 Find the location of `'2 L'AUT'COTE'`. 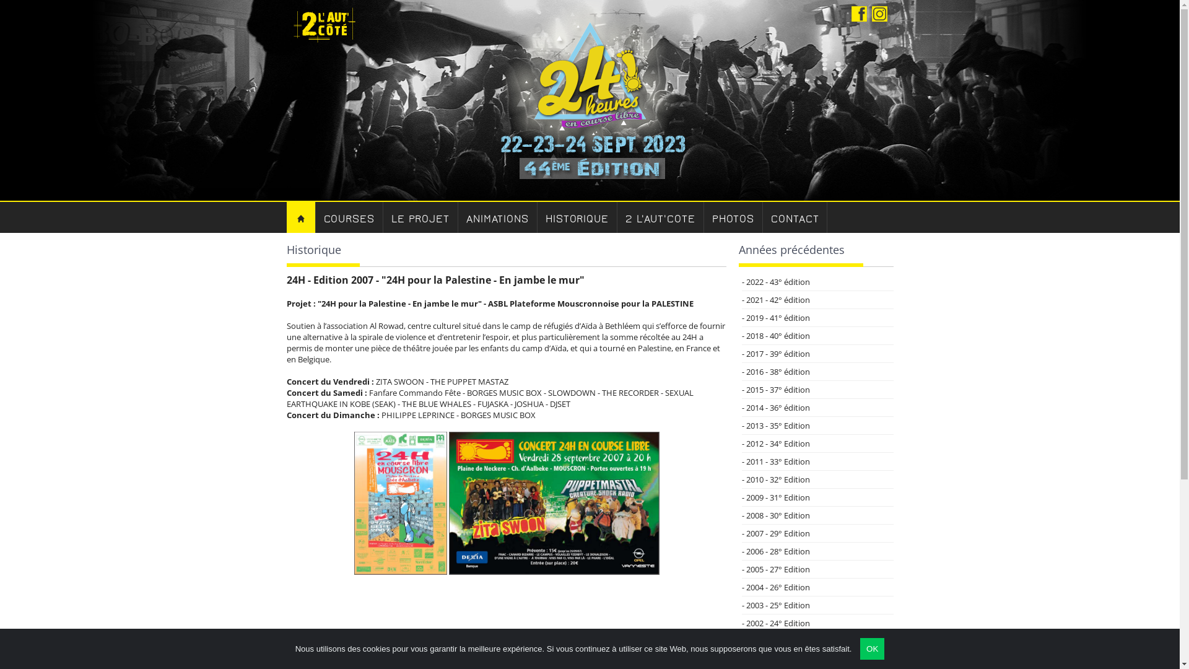

'2 L'AUT'COTE' is located at coordinates (617, 217).